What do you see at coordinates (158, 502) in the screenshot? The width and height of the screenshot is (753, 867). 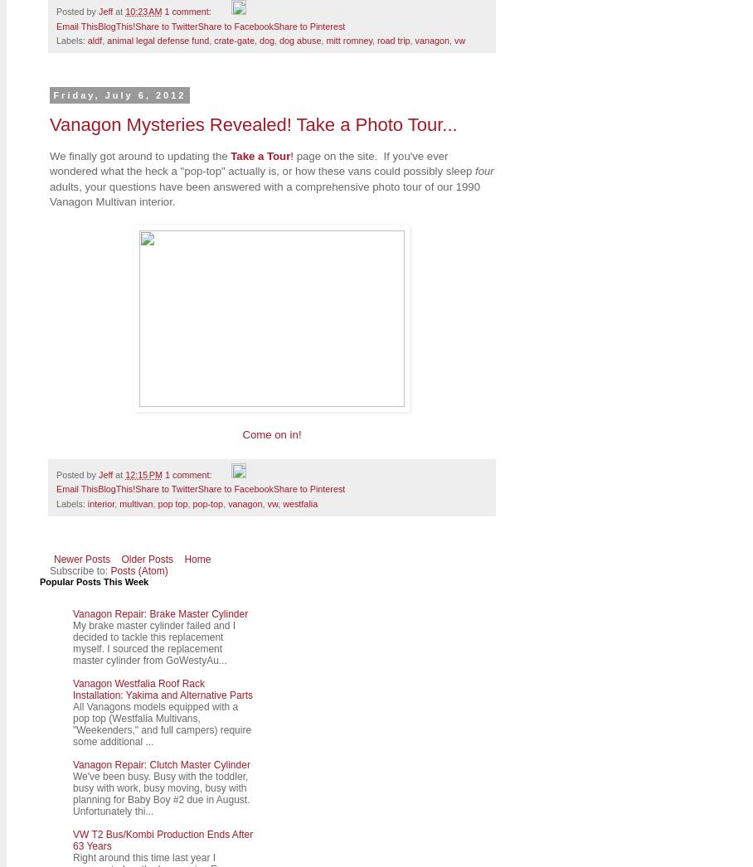 I see `'pop top'` at bounding box center [158, 502].